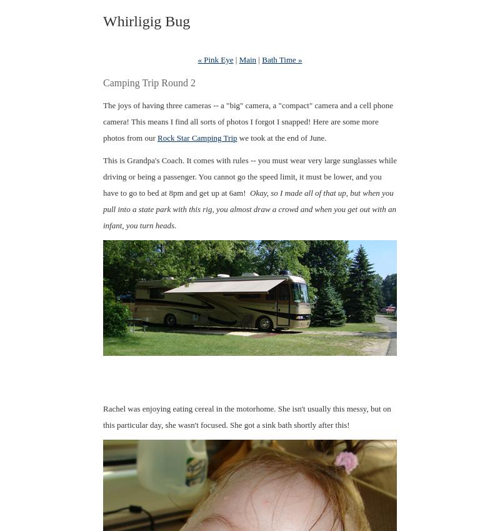  I want to click on 'Rock Star Camping Trip', so click(196, 137).